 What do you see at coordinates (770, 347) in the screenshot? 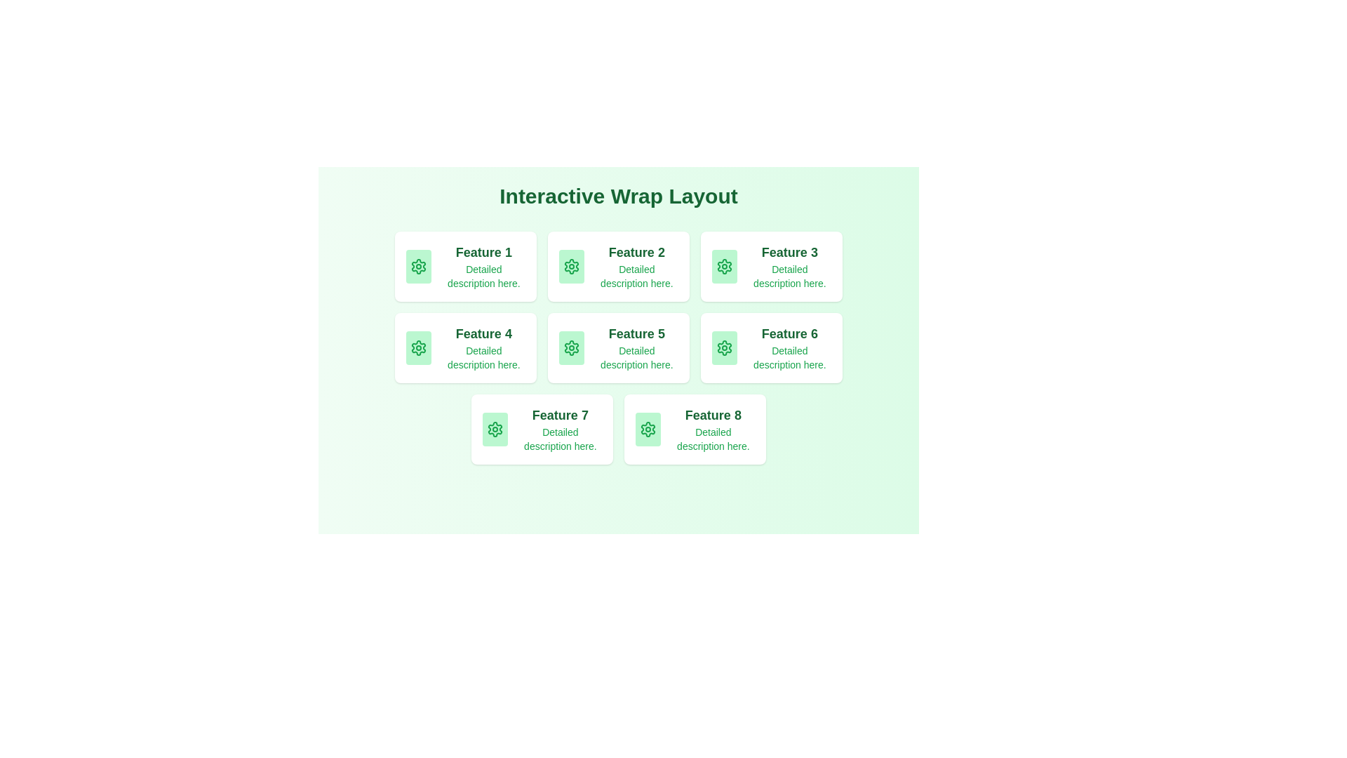
I see `contents of the Feature card located in the third column of the second row under the 'Interactive Wrap Layout' title, positioned between 'Feature 5' and 'Feature 7'` at bounding box center [770, 347].